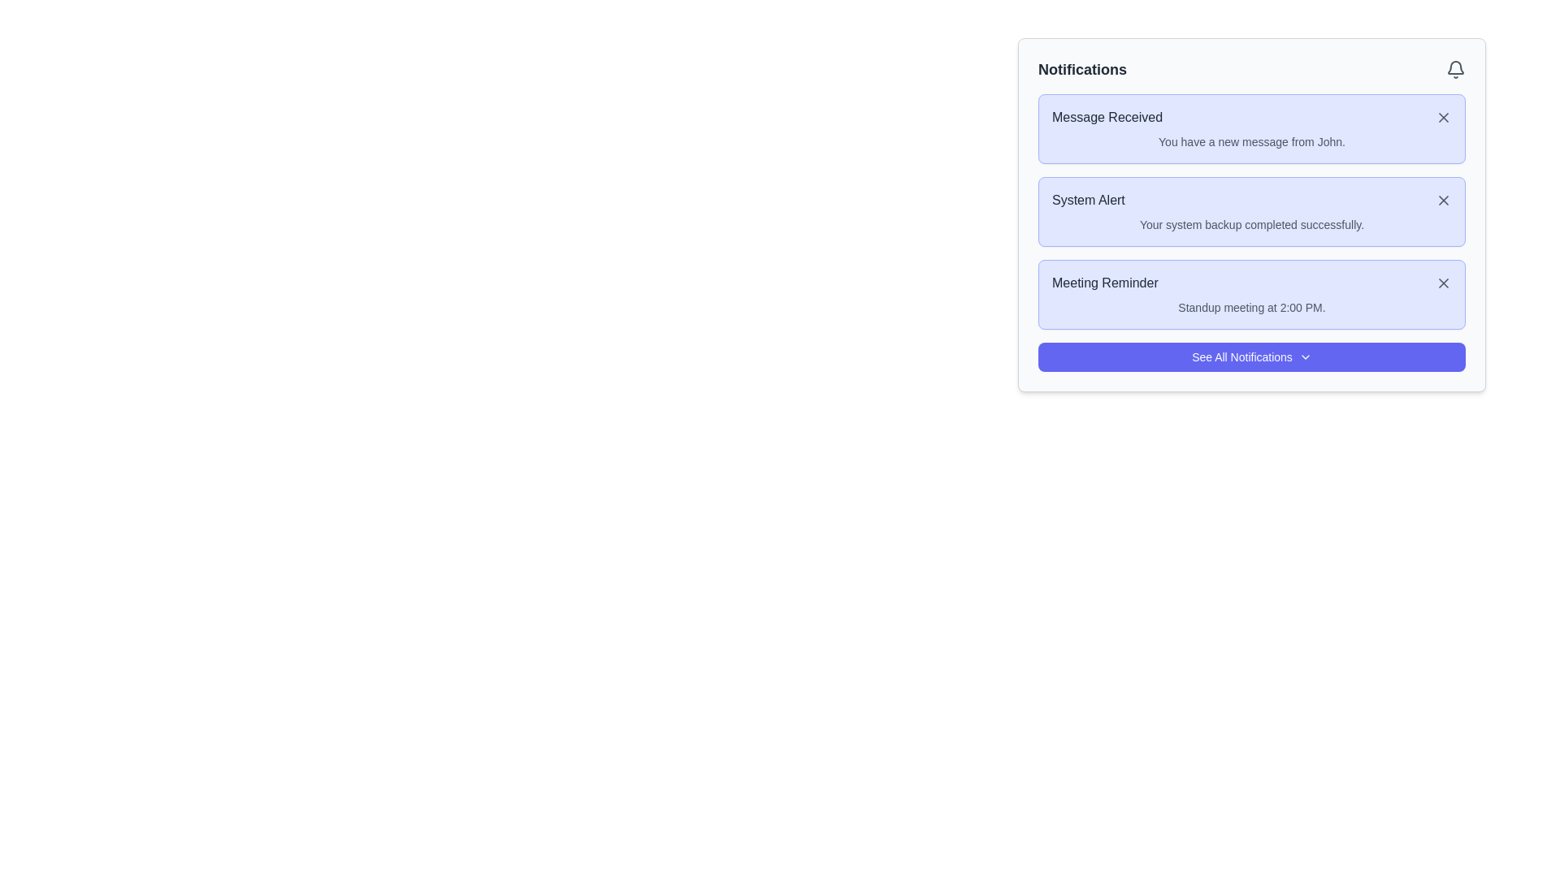  I want to click on the Text Label that serves as the title of a notification, located at the top of a notification item in the notification panel, so click(1107, 117).